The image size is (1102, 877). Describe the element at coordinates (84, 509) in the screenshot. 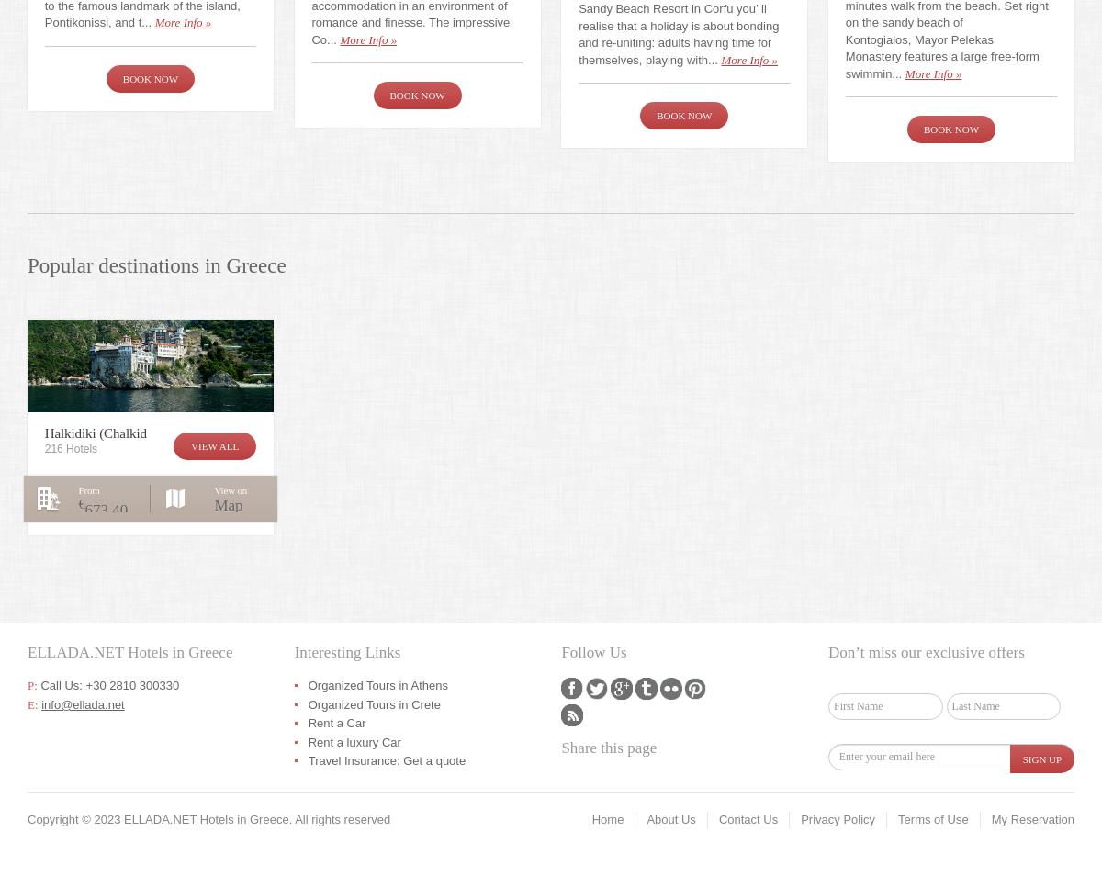

I see `'673.40'` at that location.